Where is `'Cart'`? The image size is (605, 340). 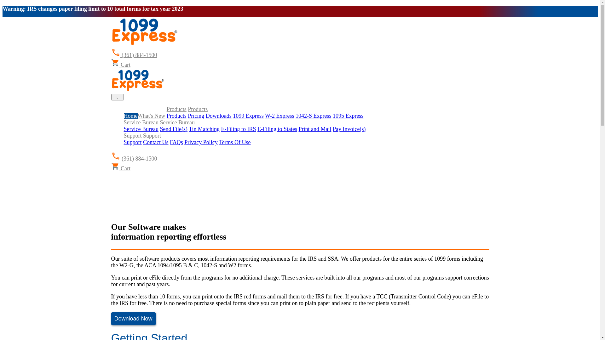 'Cart' is located at coordinates (121, 168).